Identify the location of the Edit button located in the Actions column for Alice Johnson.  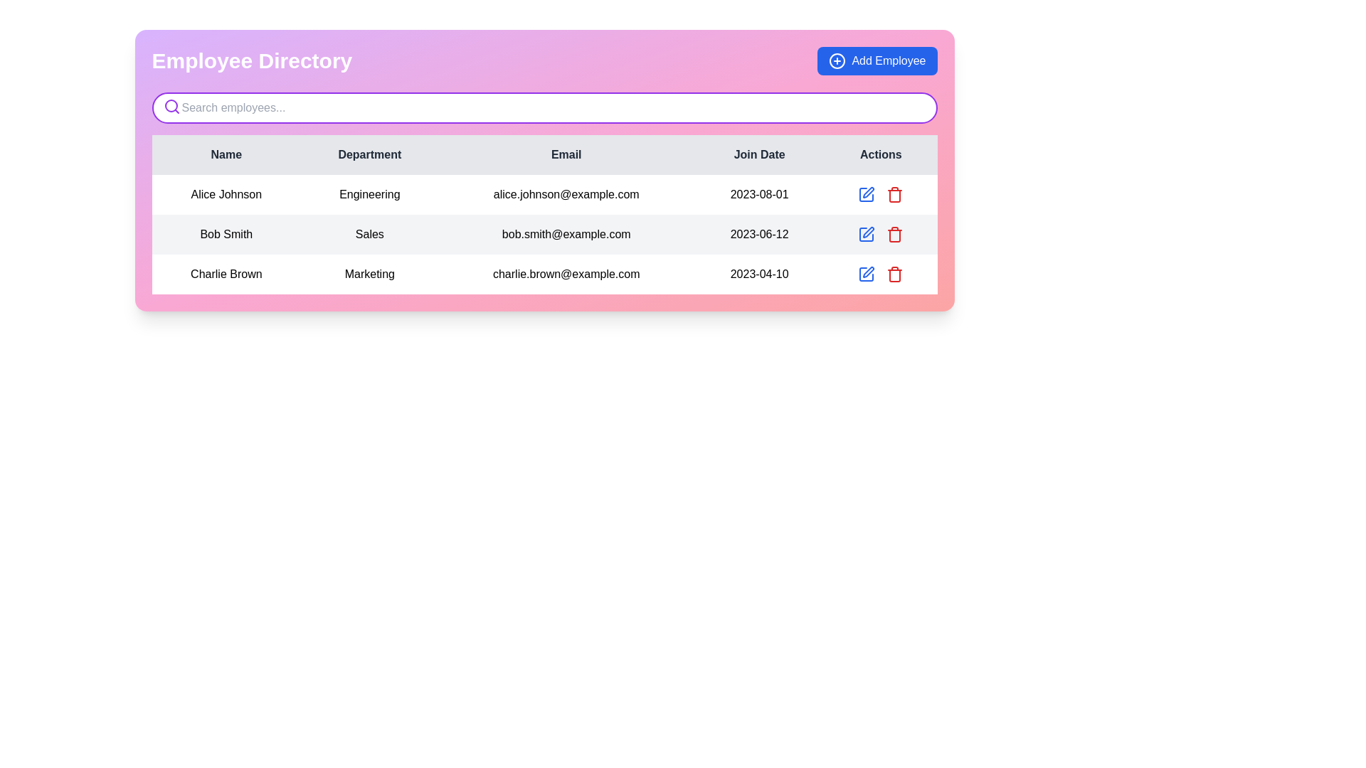
(866, 194).